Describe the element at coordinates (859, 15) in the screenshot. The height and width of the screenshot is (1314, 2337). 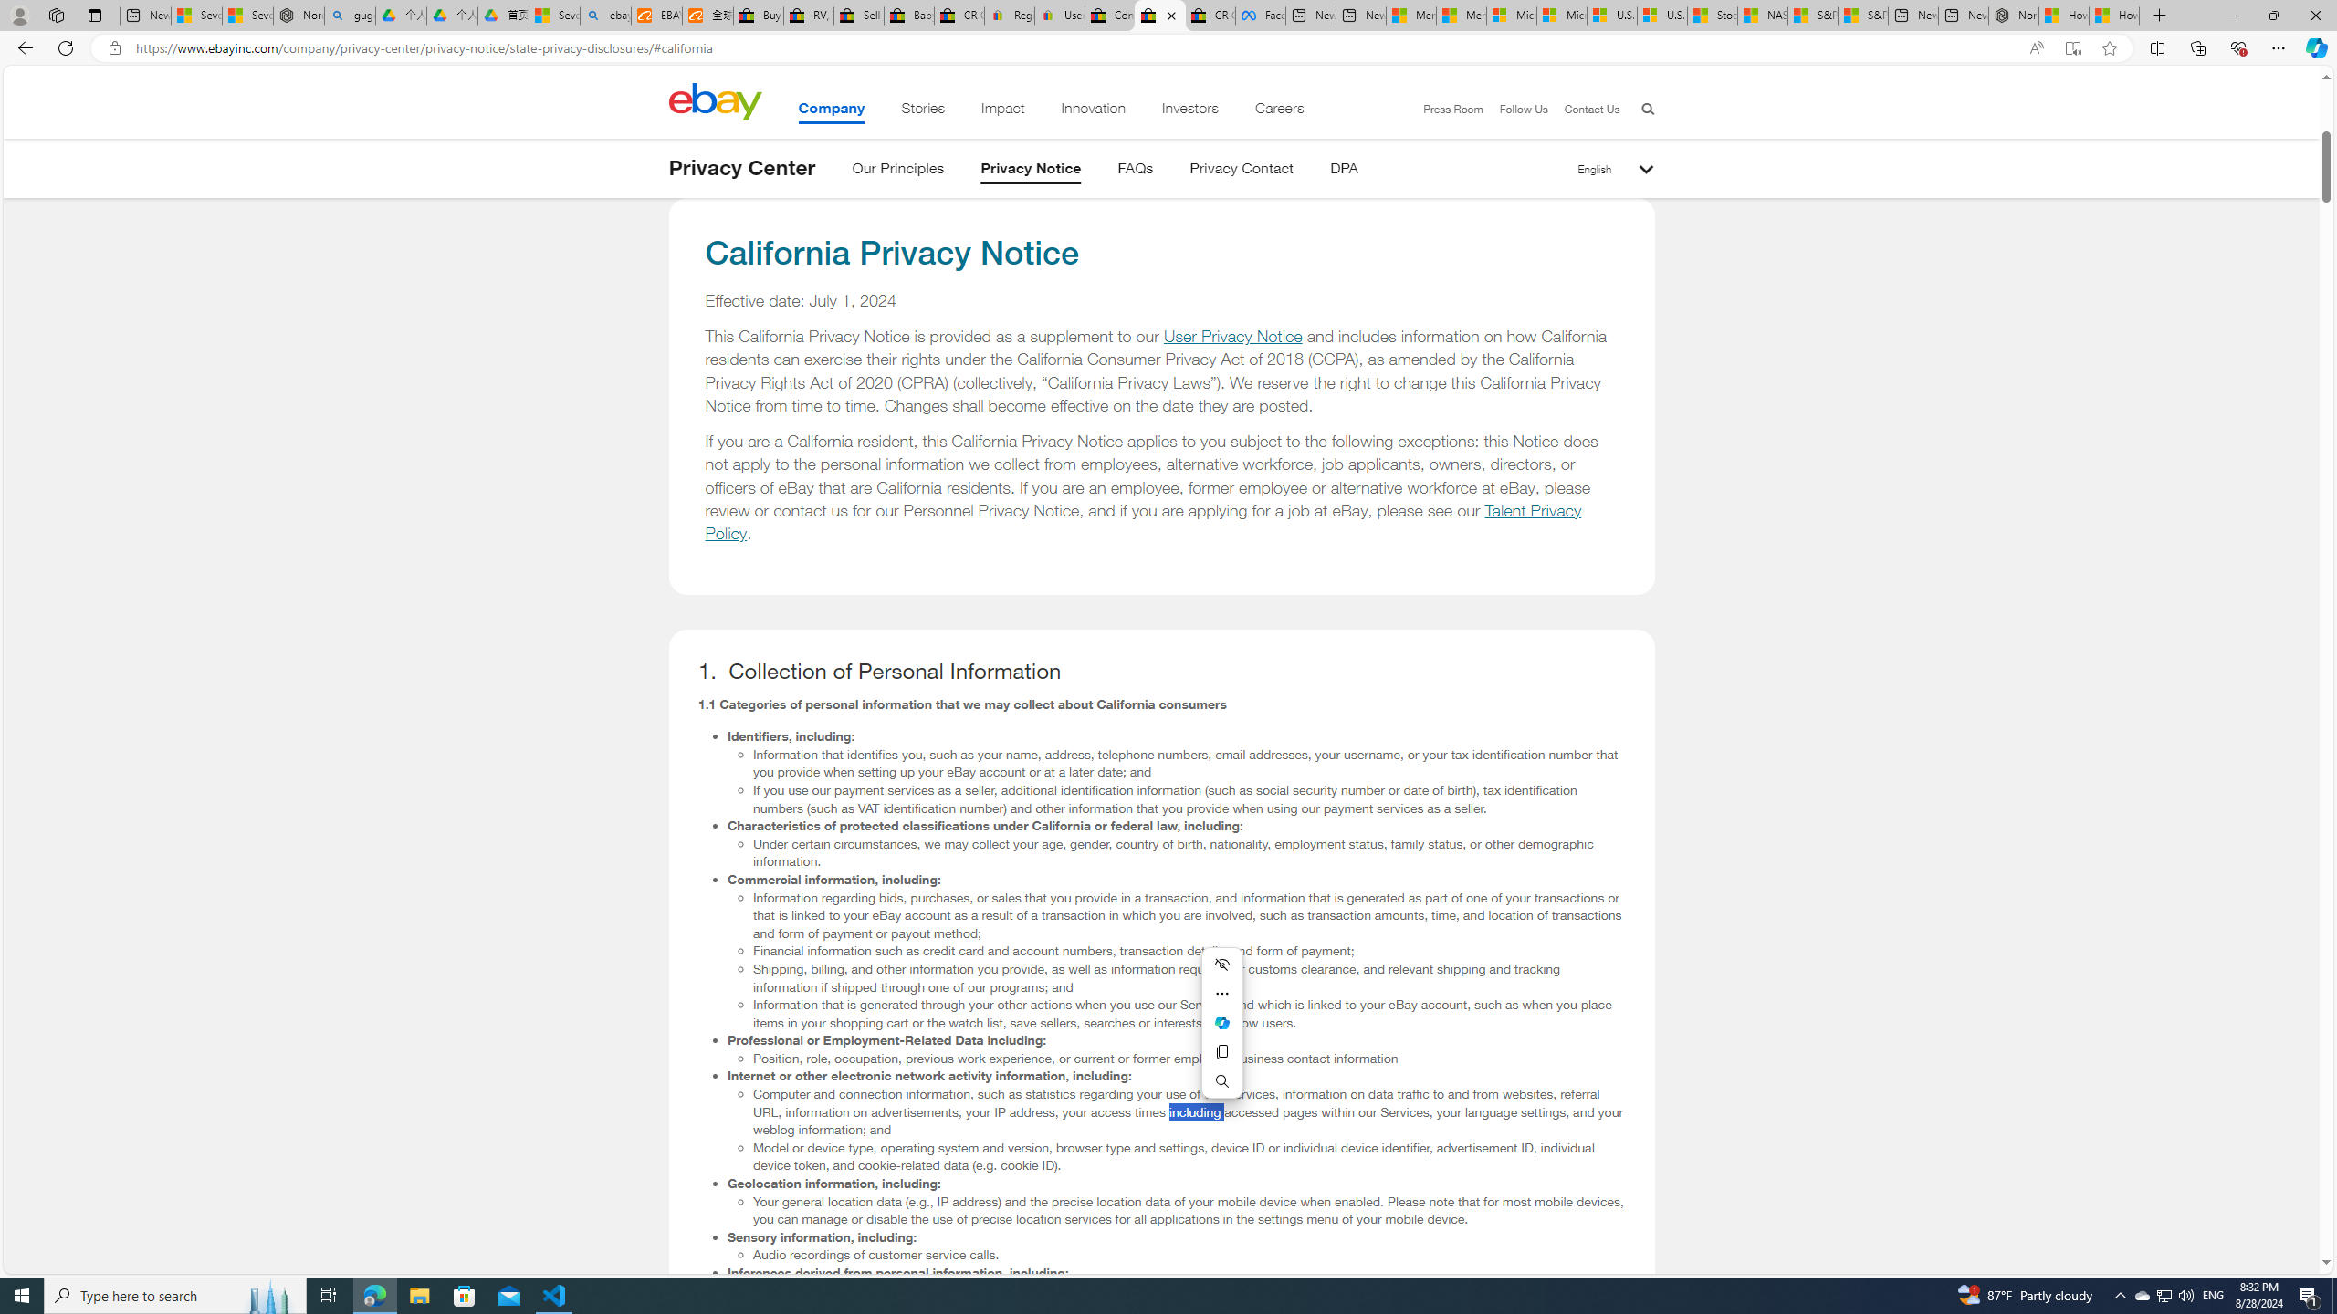
I see `'Sell worldwide with eBay'` at that location.